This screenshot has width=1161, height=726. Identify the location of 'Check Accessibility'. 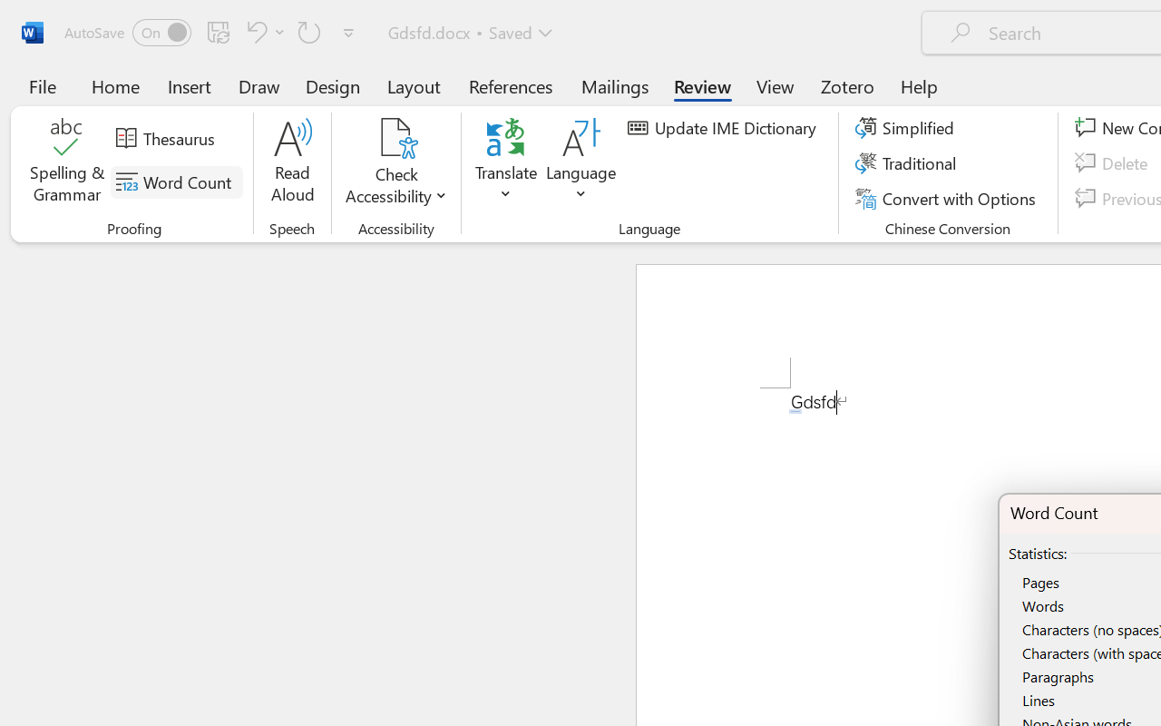
(395, 137).